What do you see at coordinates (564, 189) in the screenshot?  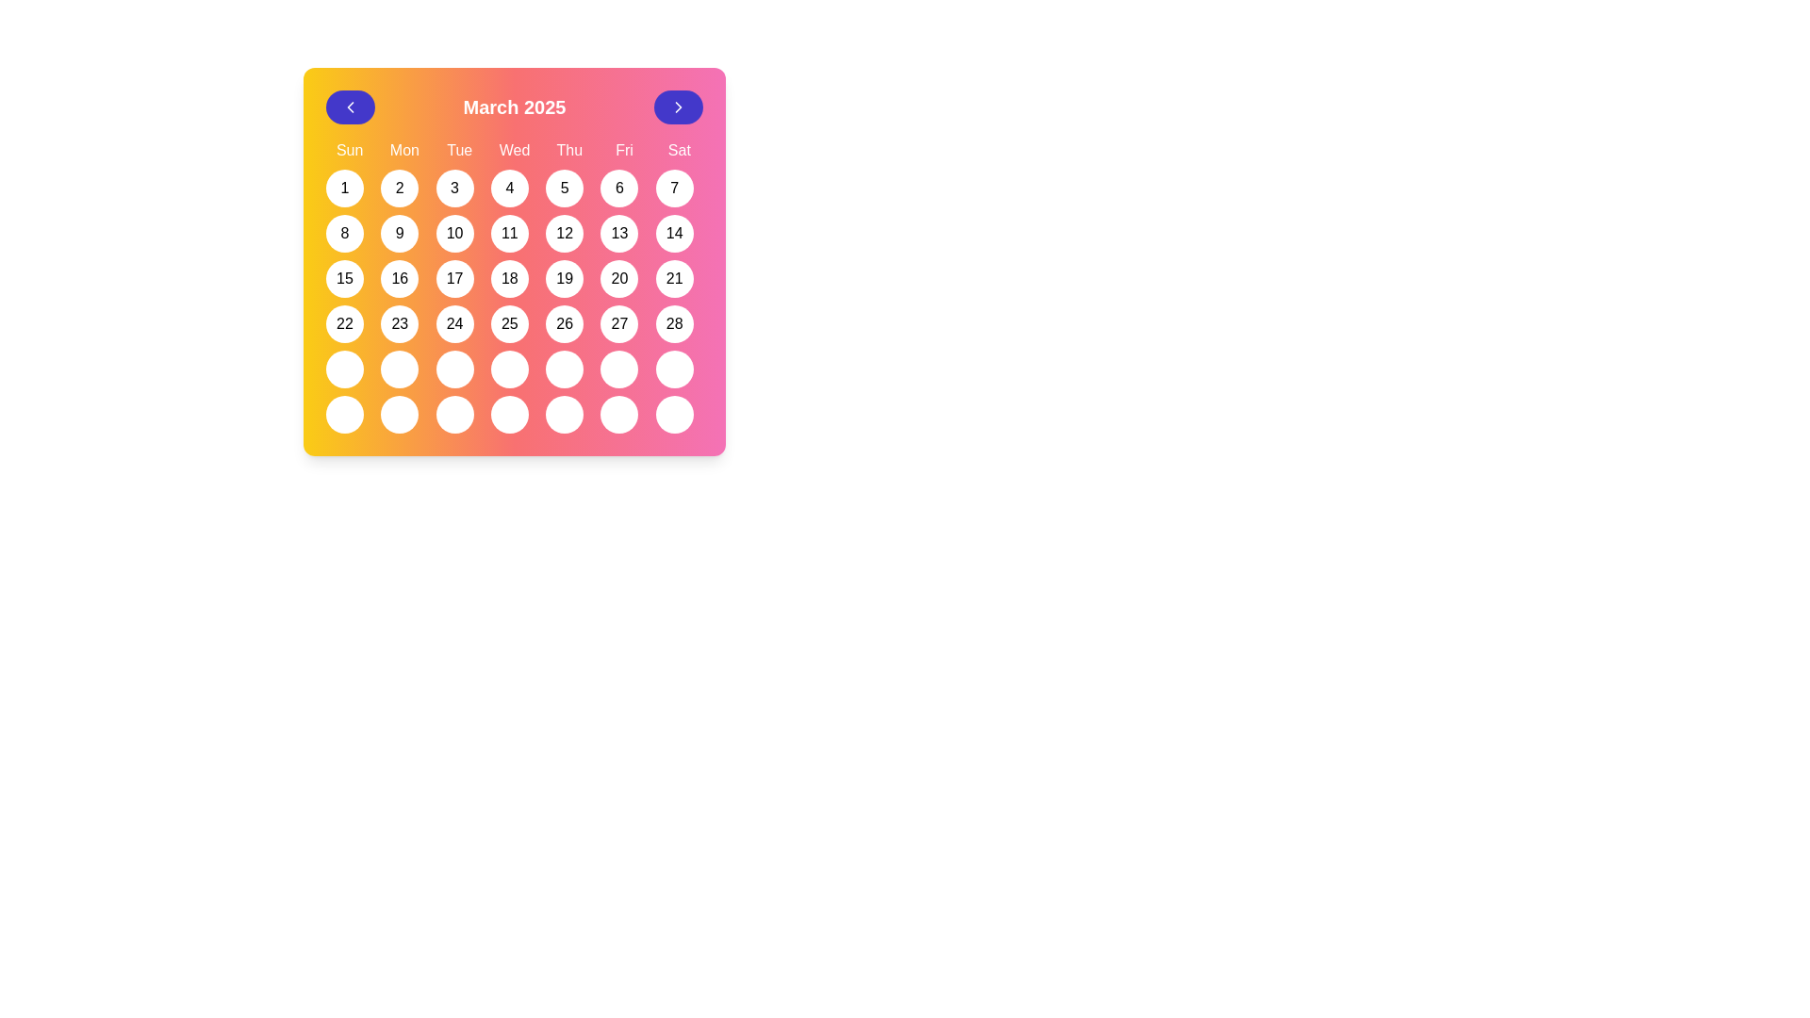 I see `the circular button with a white background and the number '5' in black text, located in the calendar grid at the position for Thursday` at bounding box center [564, 189].